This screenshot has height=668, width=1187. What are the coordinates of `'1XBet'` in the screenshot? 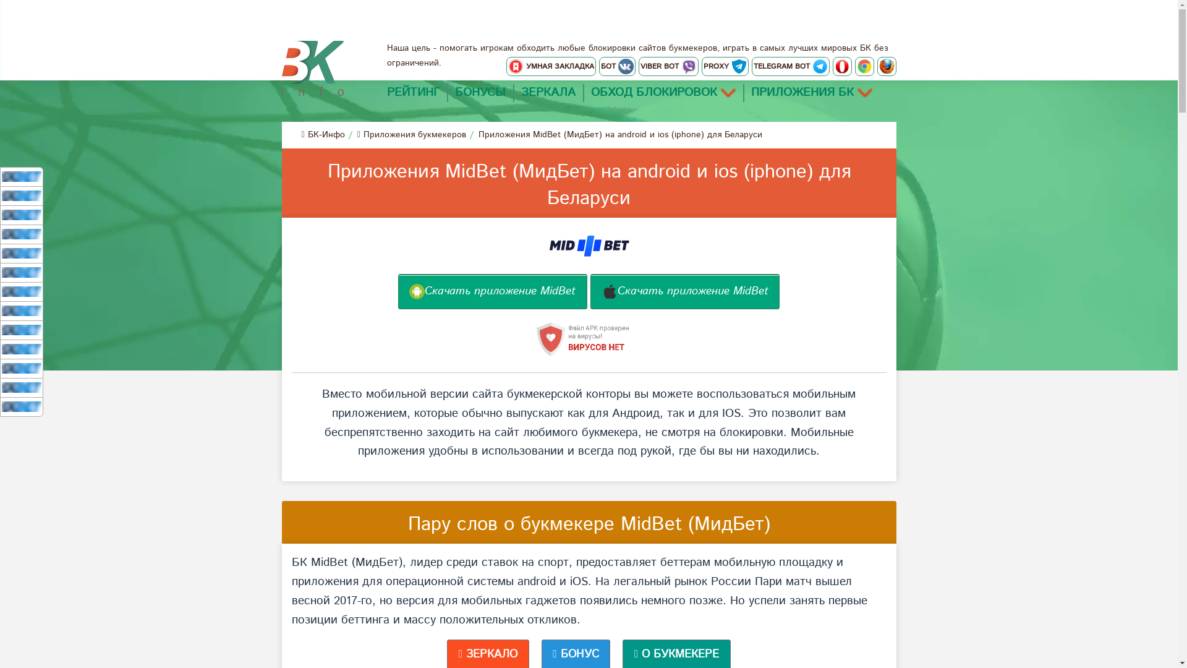 It's located at (21, 176).